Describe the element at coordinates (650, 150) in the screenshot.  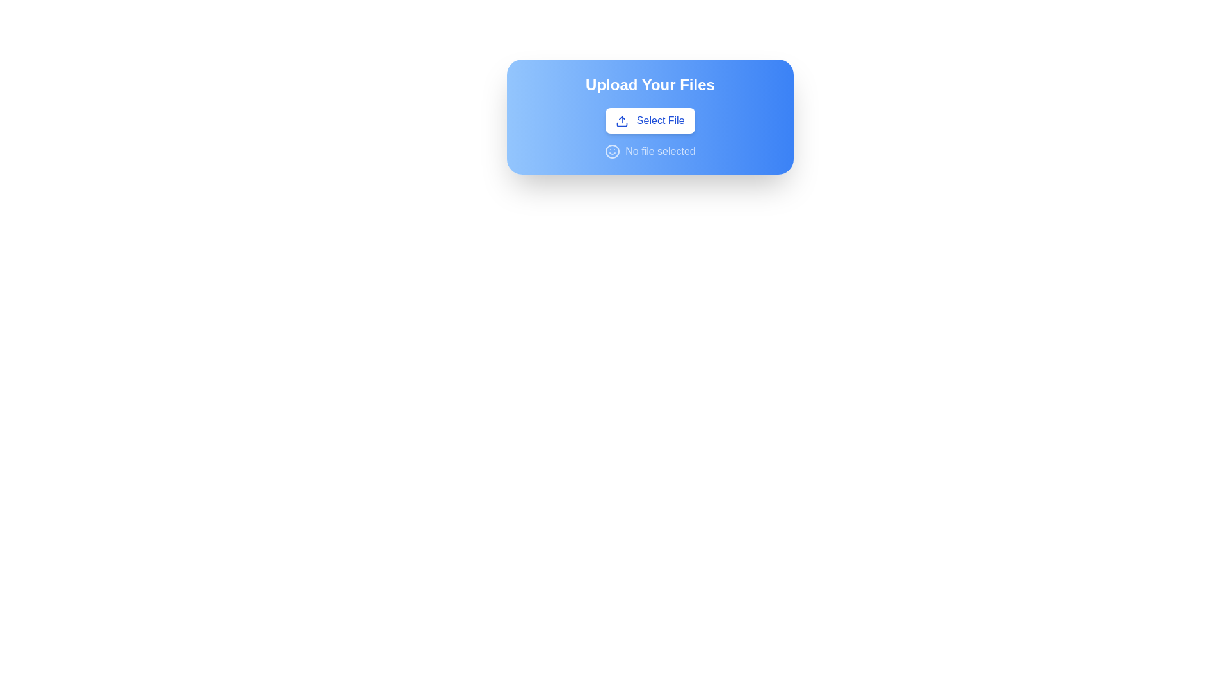
I see `the informational label indicating that no file has been selected yet for uploading, which is located beneath the 'Select File' button` at that location.